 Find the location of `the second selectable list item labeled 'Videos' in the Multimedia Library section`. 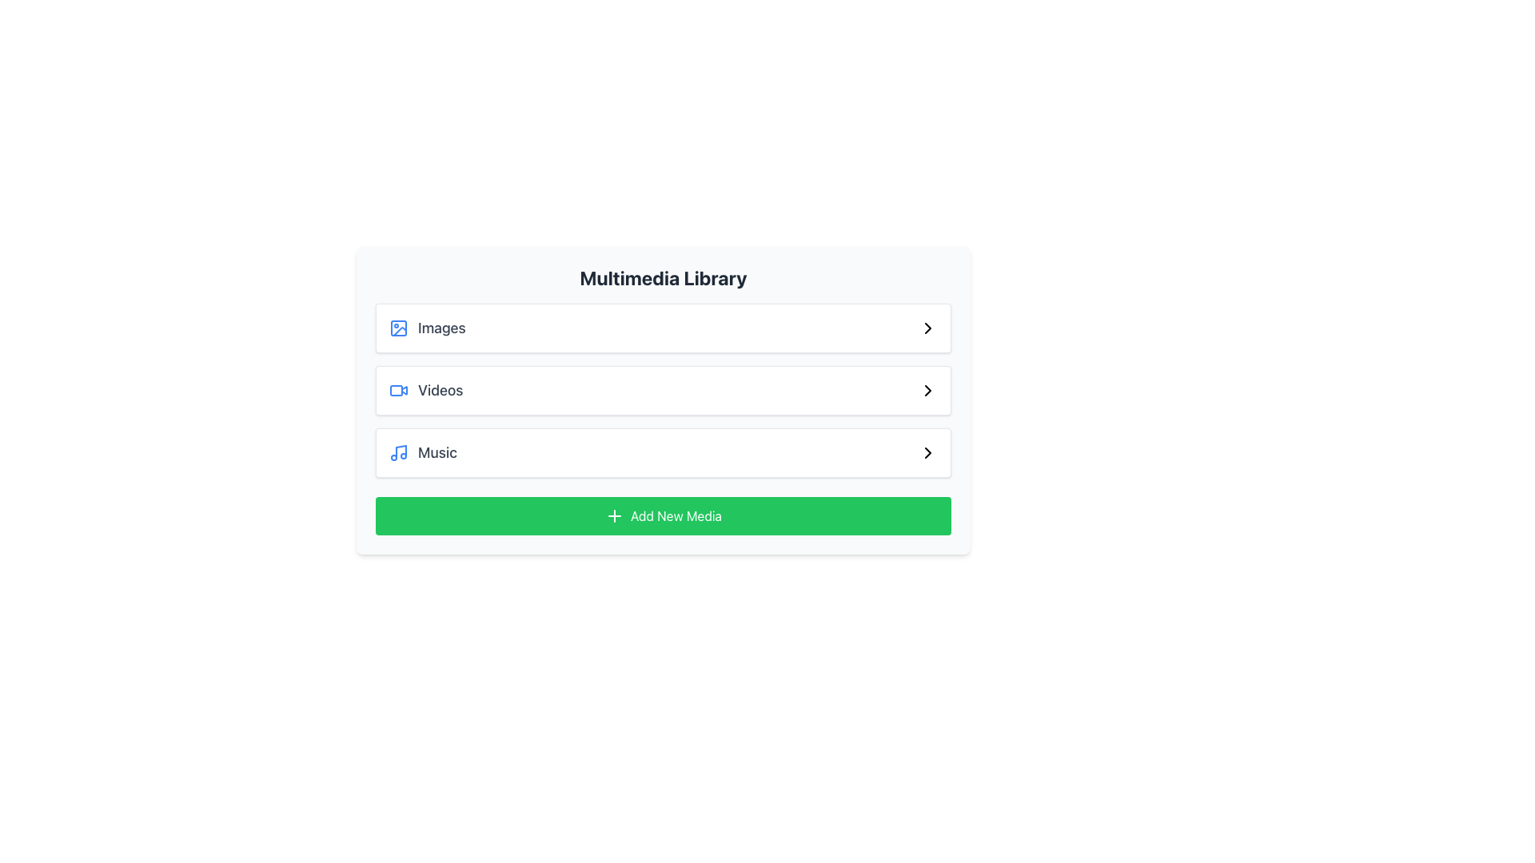

the second selectable list item labeled 'Videos' in the Multimedia Library section is located at coordinates (664, 391).